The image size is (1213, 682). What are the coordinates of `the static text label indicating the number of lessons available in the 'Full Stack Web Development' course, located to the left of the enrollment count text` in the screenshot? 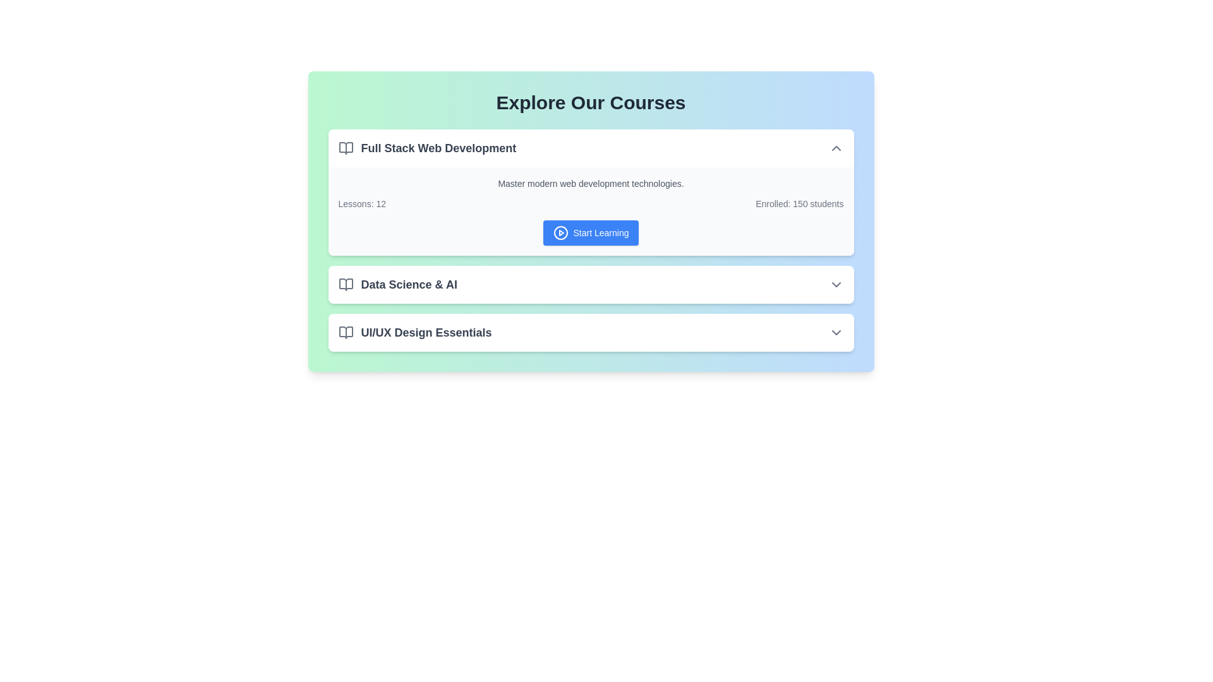 It's located at (361, 203).